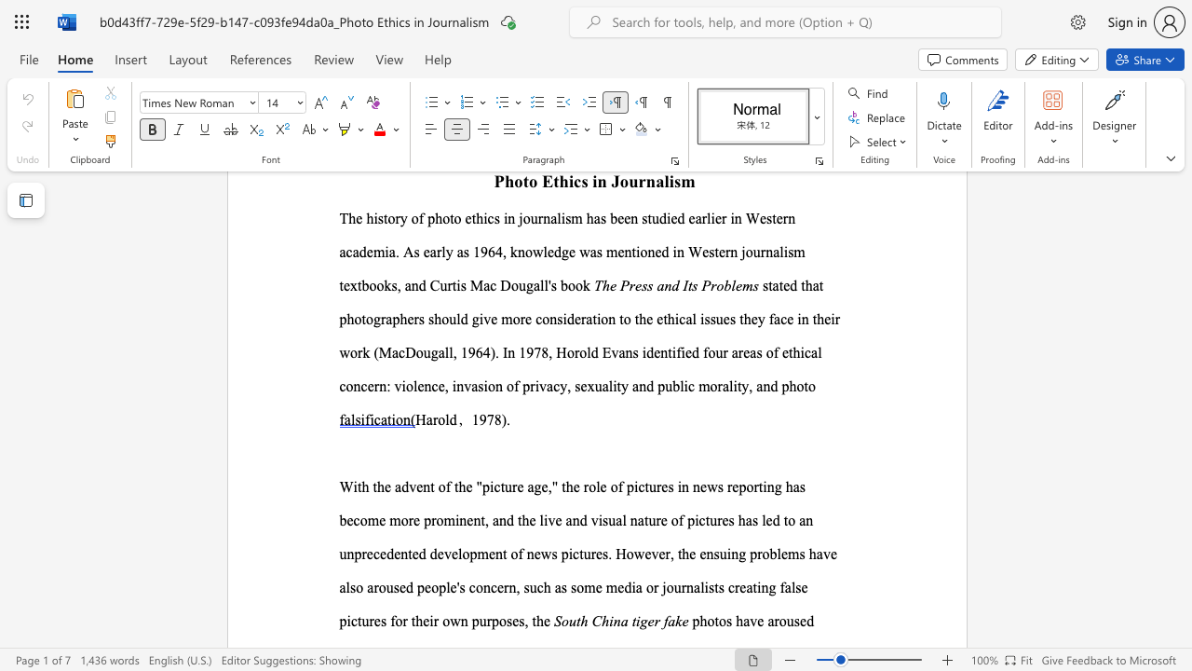  Describe the element at coordinates (619, 318) in the screenshot. I see `the subset text "to the ethical issues they face in the" within the text "that photographers should give more consideration to the ethical issues they face in their work"` at that location.